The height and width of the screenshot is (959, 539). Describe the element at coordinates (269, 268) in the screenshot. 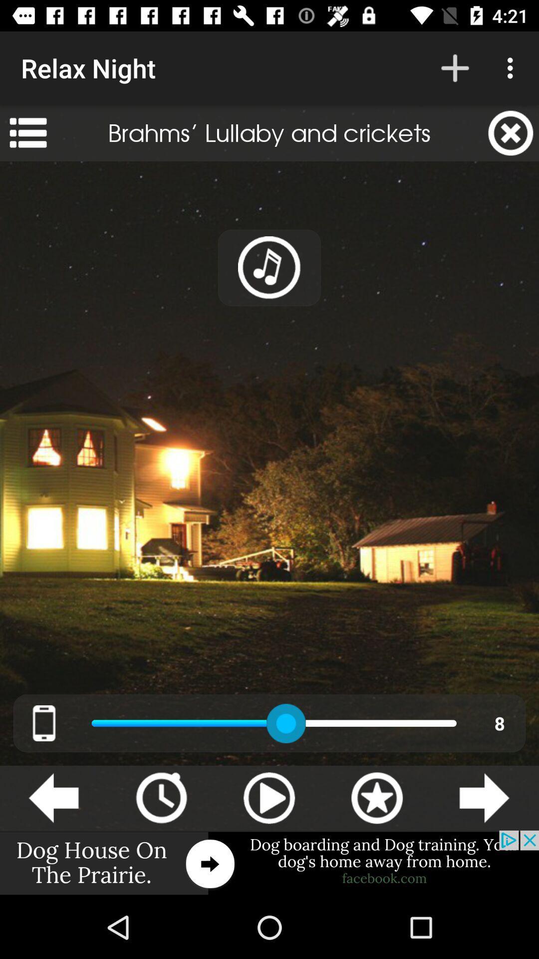

I see `the music icon` at that location.